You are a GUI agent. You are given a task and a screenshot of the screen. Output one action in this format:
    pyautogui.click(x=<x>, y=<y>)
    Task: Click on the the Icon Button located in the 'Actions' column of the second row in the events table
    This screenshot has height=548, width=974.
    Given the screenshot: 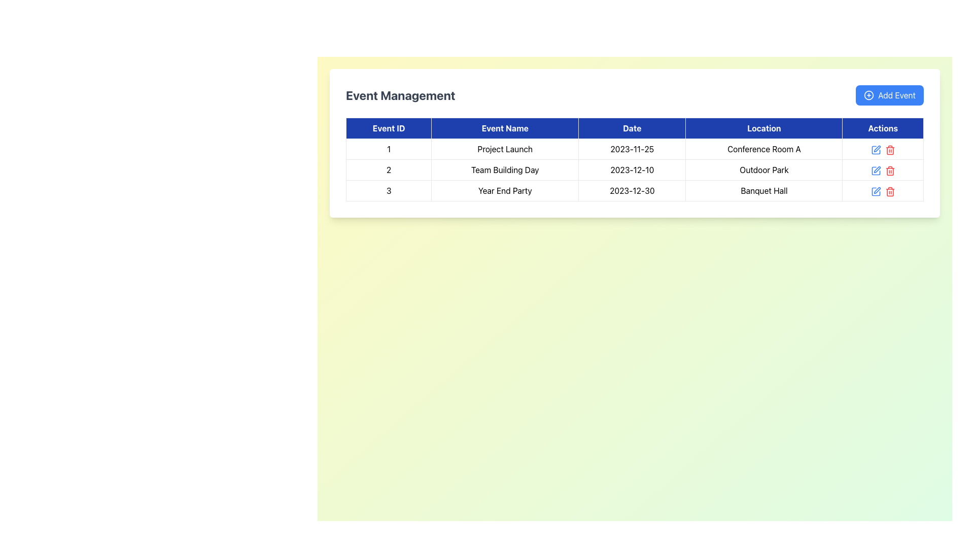 What is the action you would take?
    pyautogui.click(x=889, y=169)
    